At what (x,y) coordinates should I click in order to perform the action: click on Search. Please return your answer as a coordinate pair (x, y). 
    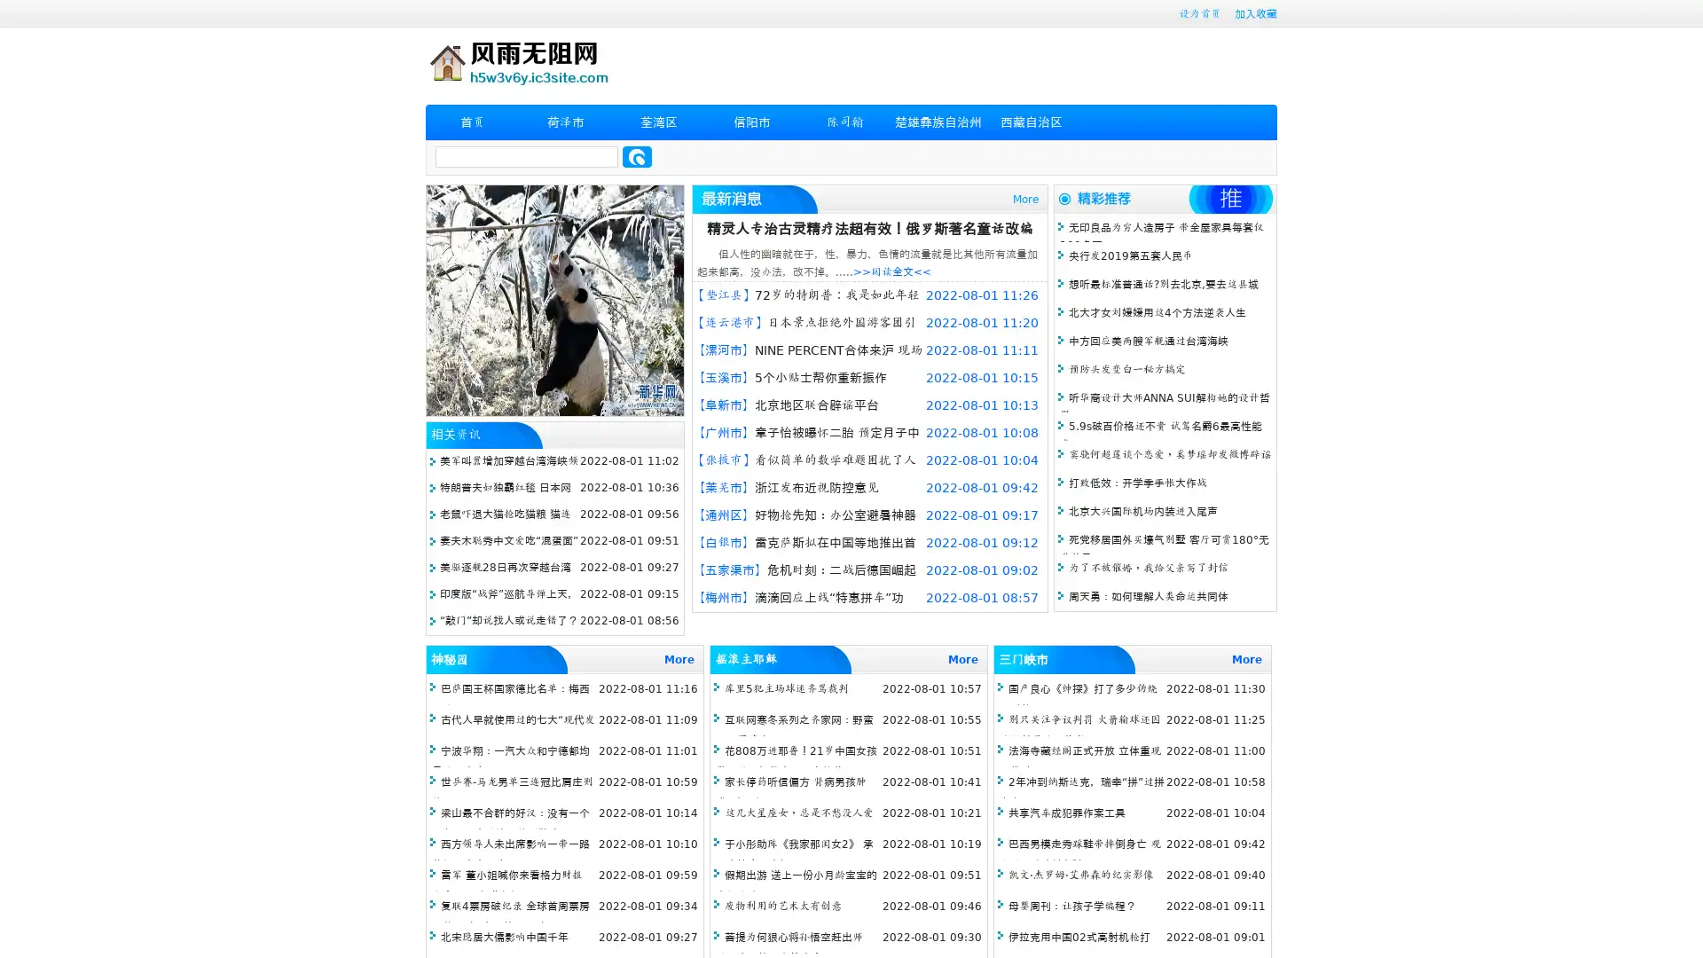
    Looking at the image, I should click on (637, 156).